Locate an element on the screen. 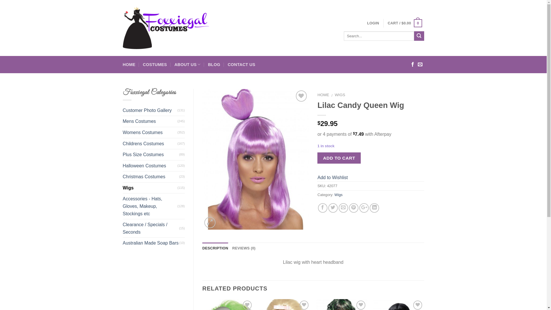  'Mens Costumes' is located at coordinates (150, 121).